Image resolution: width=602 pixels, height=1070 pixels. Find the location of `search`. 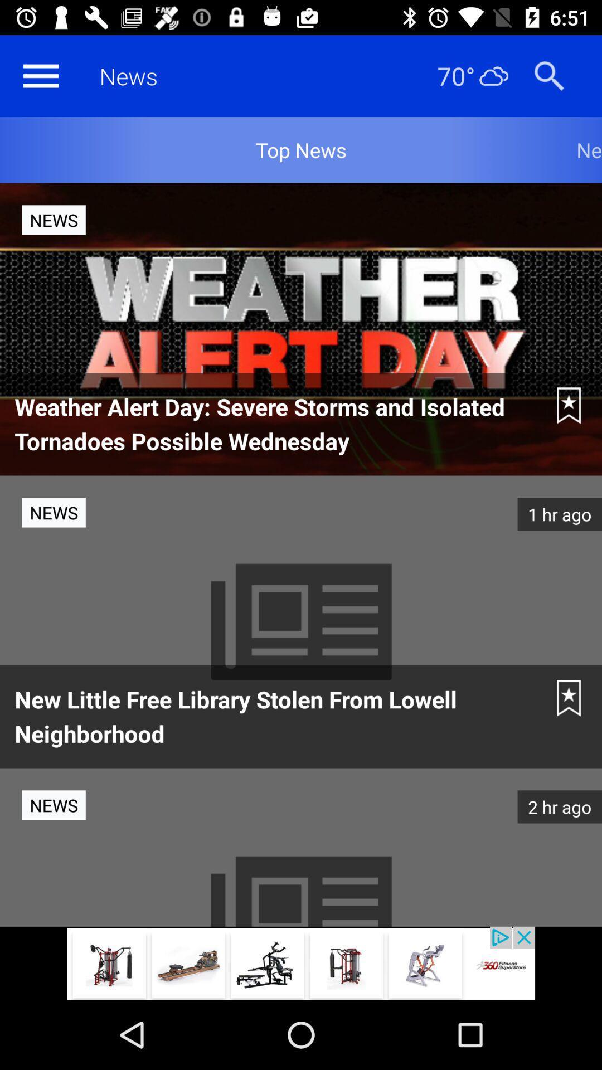

search is located at coordinates (548, 75).